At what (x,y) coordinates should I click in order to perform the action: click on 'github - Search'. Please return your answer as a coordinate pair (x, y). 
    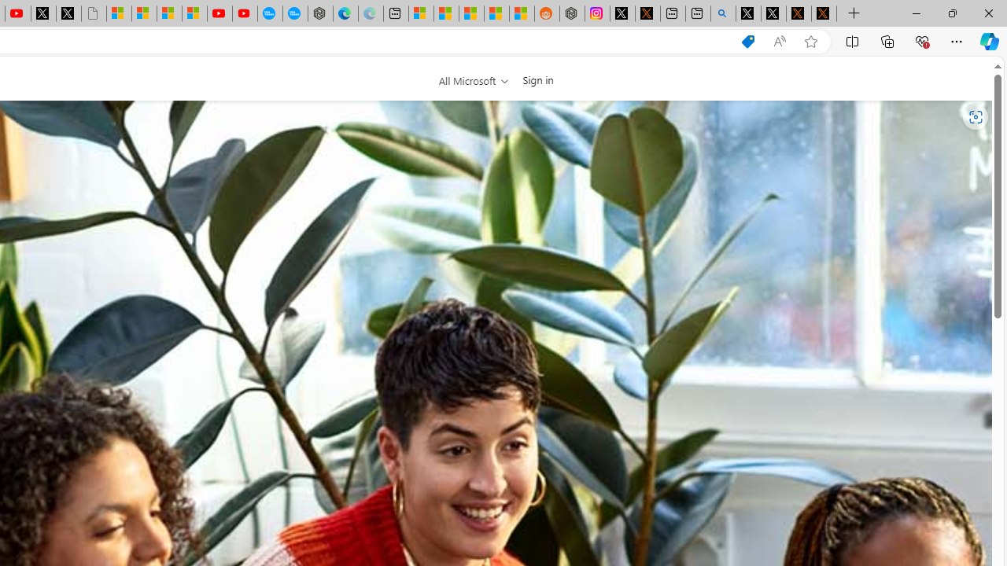
    Looking at the image, I should click on (722, 13).